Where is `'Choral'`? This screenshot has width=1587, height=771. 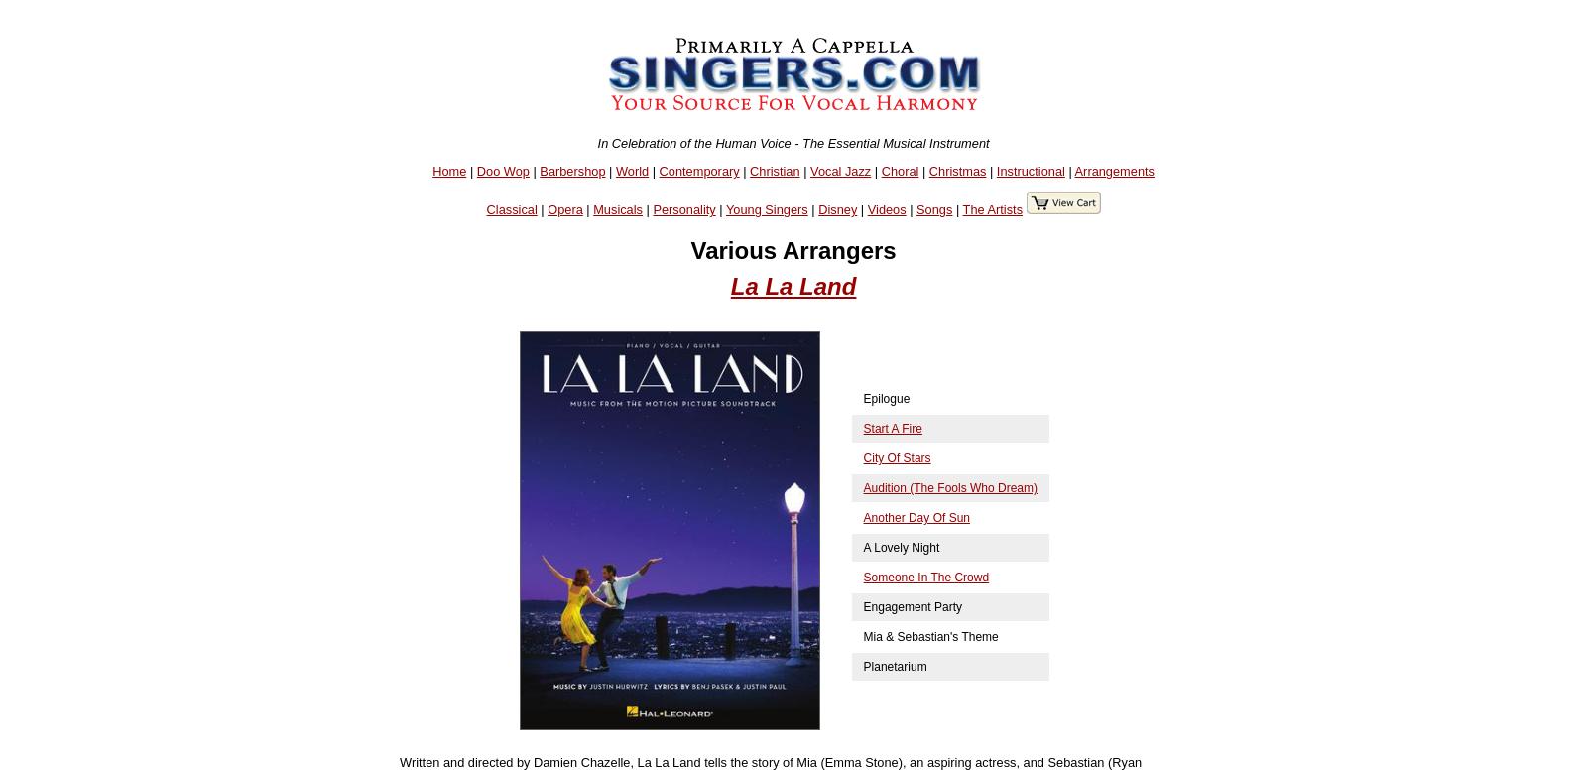
'Choral' is located at coordinates (899, 170).